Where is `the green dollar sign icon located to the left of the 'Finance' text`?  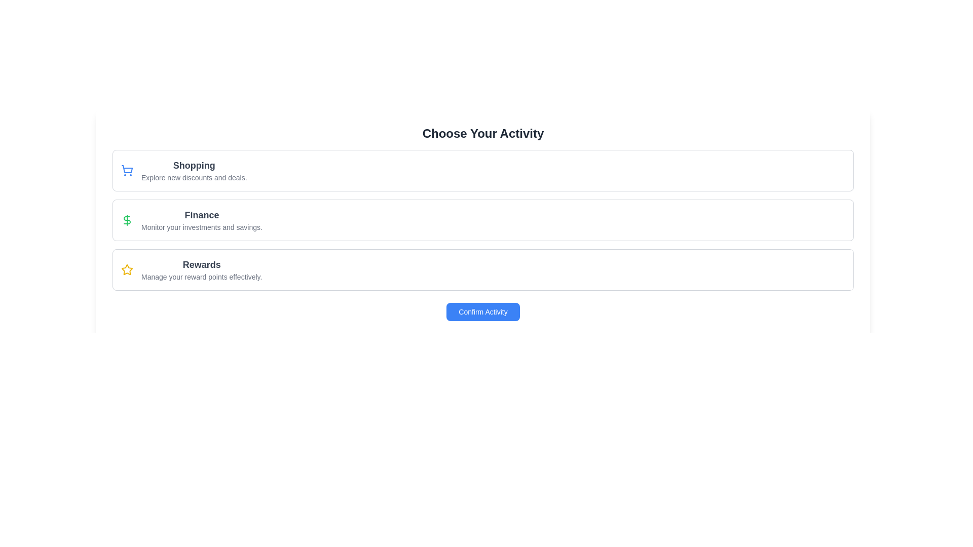 the green dollar sign icon located to the left of the 'Finance' text is located at coordinates (126, 220).